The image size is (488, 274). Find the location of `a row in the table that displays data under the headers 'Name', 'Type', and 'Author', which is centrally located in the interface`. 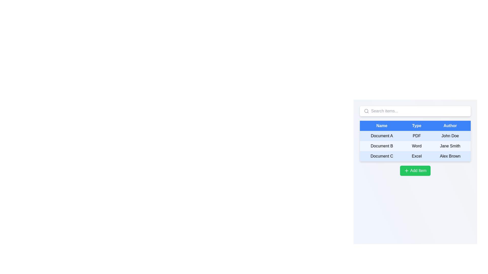

a row in the table that displays data under the headers 'Name', 'Type', and 'Author', which is centrally located in the interface is located at coordinates (415, 146).